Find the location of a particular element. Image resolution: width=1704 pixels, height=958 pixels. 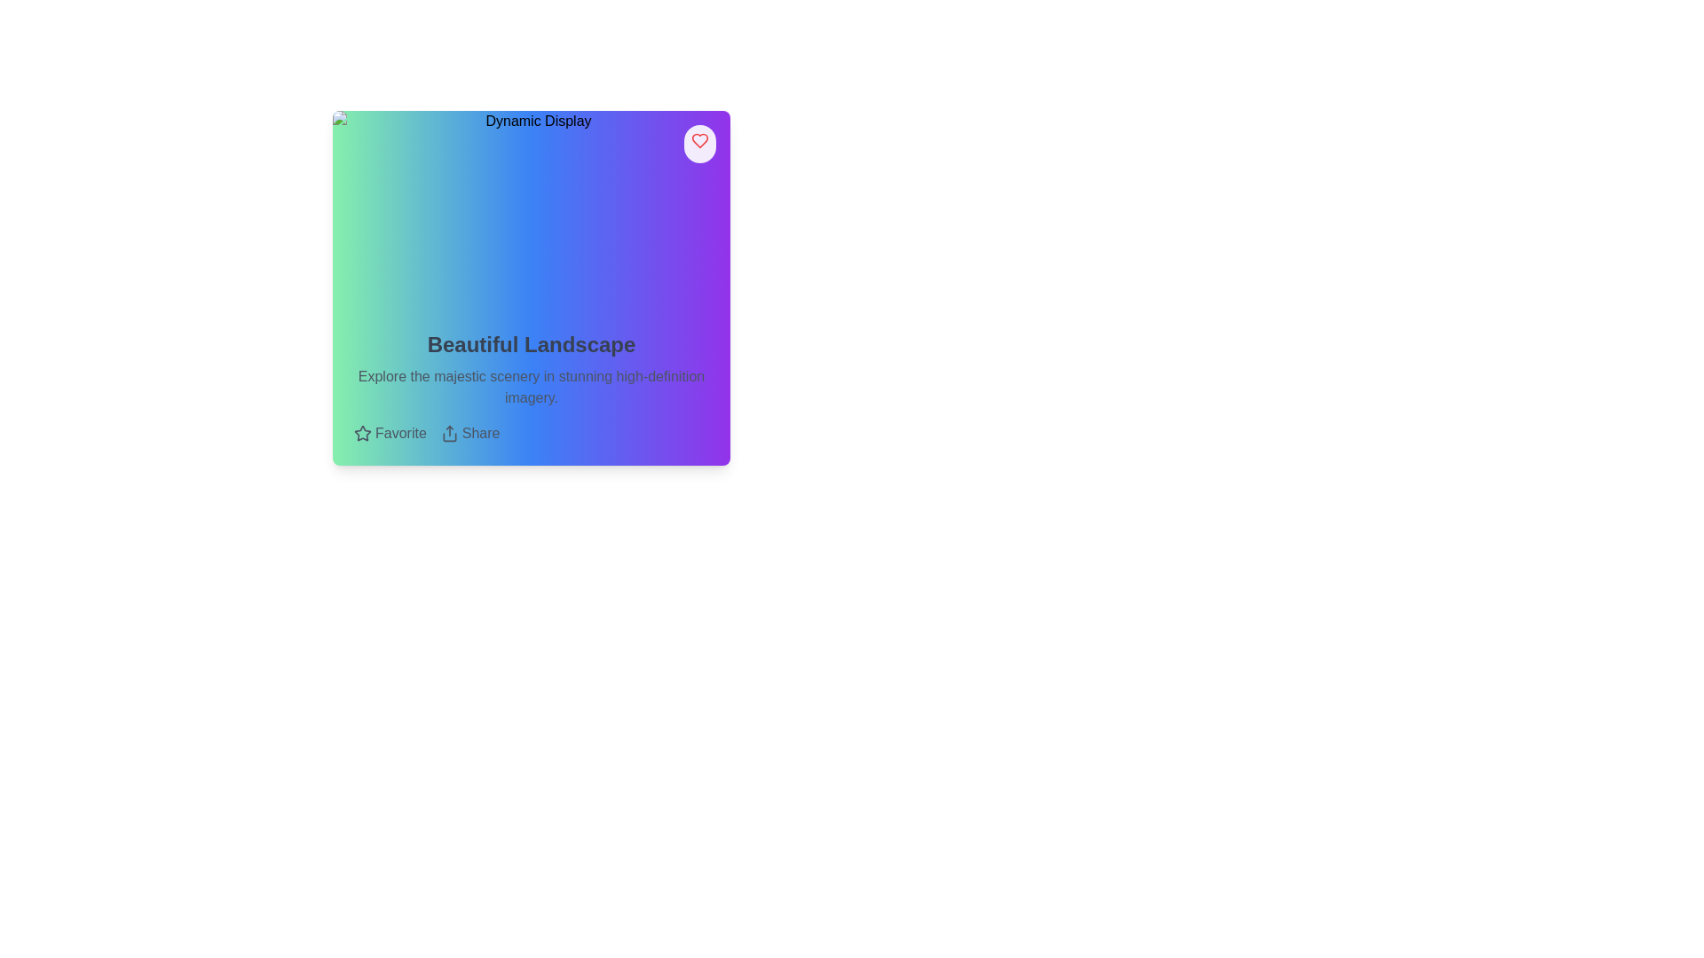

the favorite button located at the bottom-left of the vivid rectangular card to mark the item as a favorite is located at coordinates (389, 434).